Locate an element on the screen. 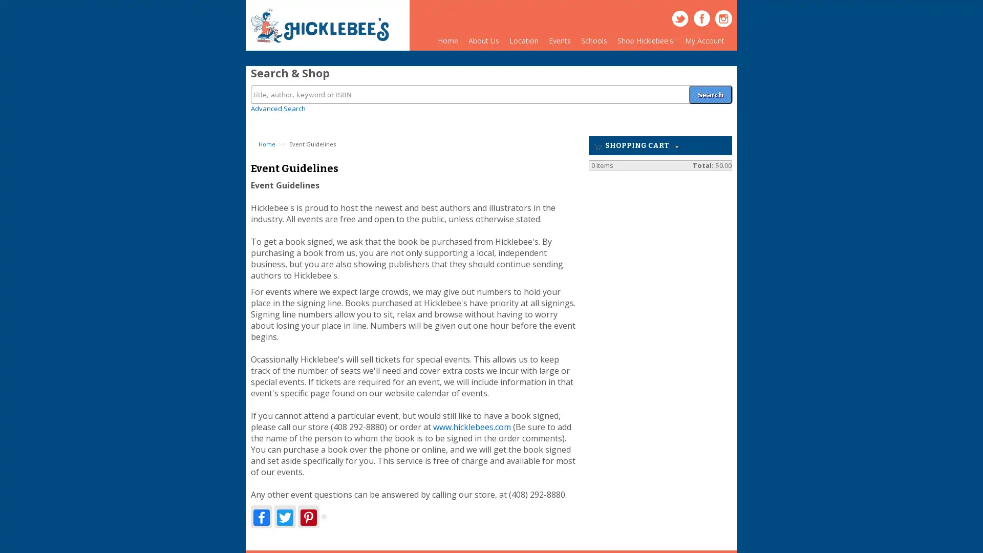 This screenshot has width=983, height=553. Search is located at coordinates (710, 88).